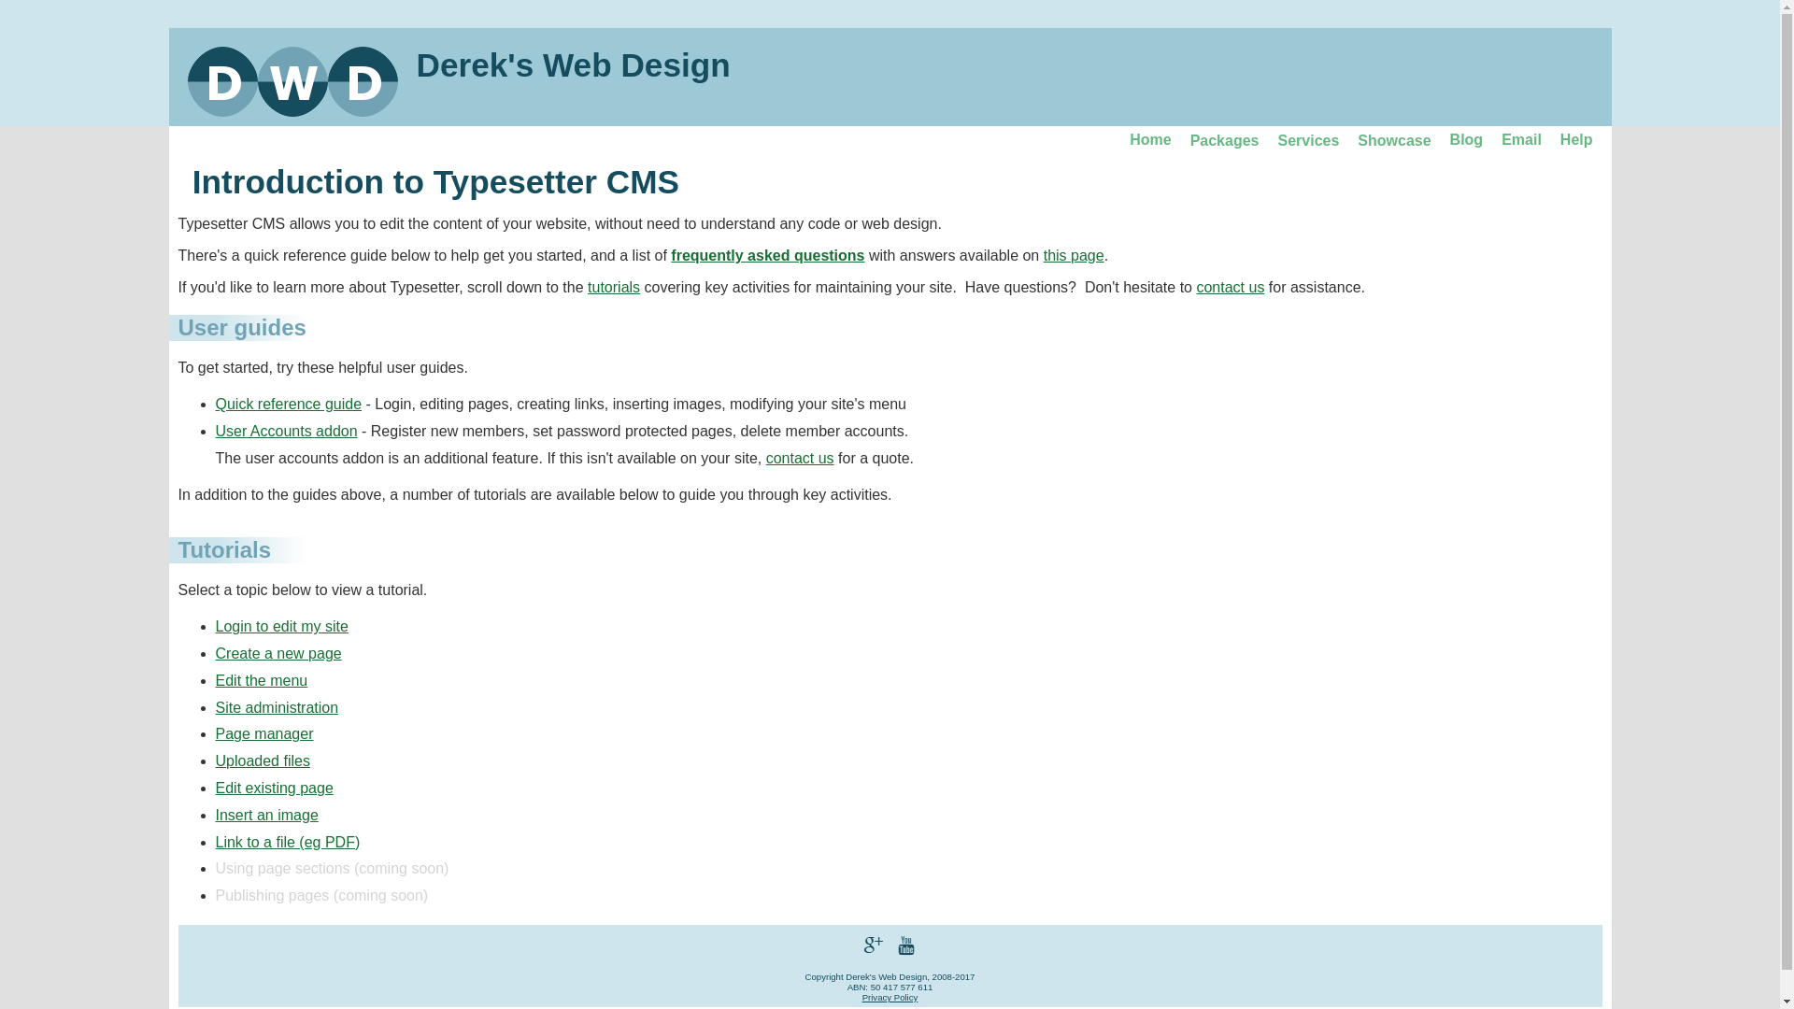 This screenshot has width=1794, height=1009. What do you see at coordinates (277, 652) in the screenshot?
I see `'Create a new page'` at bounding box center [277, 652].